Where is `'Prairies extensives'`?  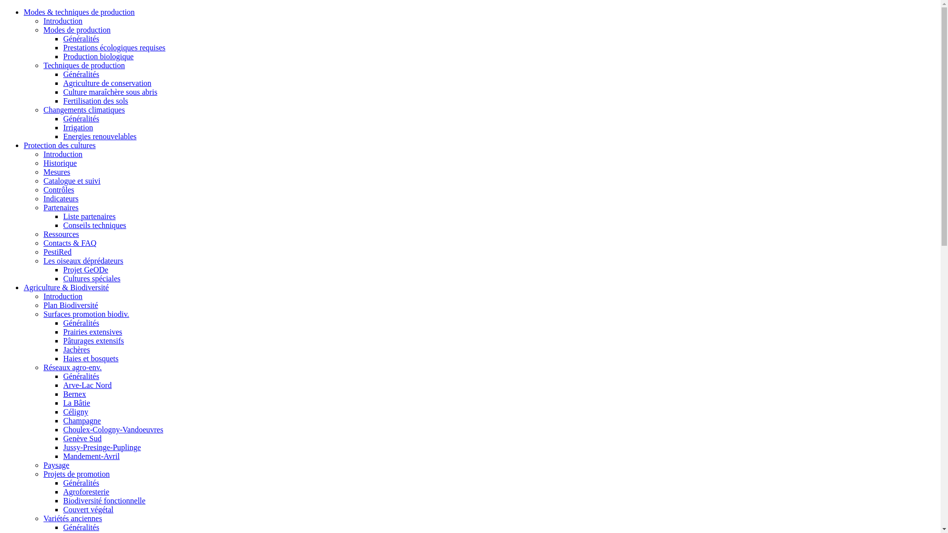 'Prairies extensives' is located at coordinates (92, 332).